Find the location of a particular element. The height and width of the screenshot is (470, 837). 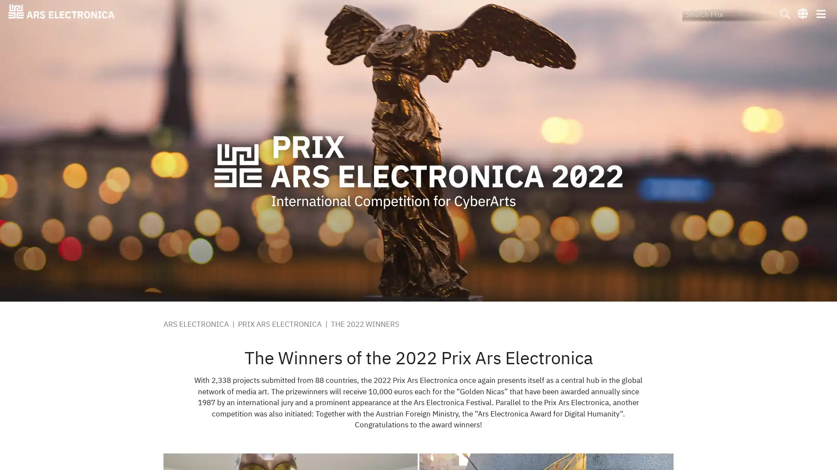

Show language menu is located at coordinates (802, 13).